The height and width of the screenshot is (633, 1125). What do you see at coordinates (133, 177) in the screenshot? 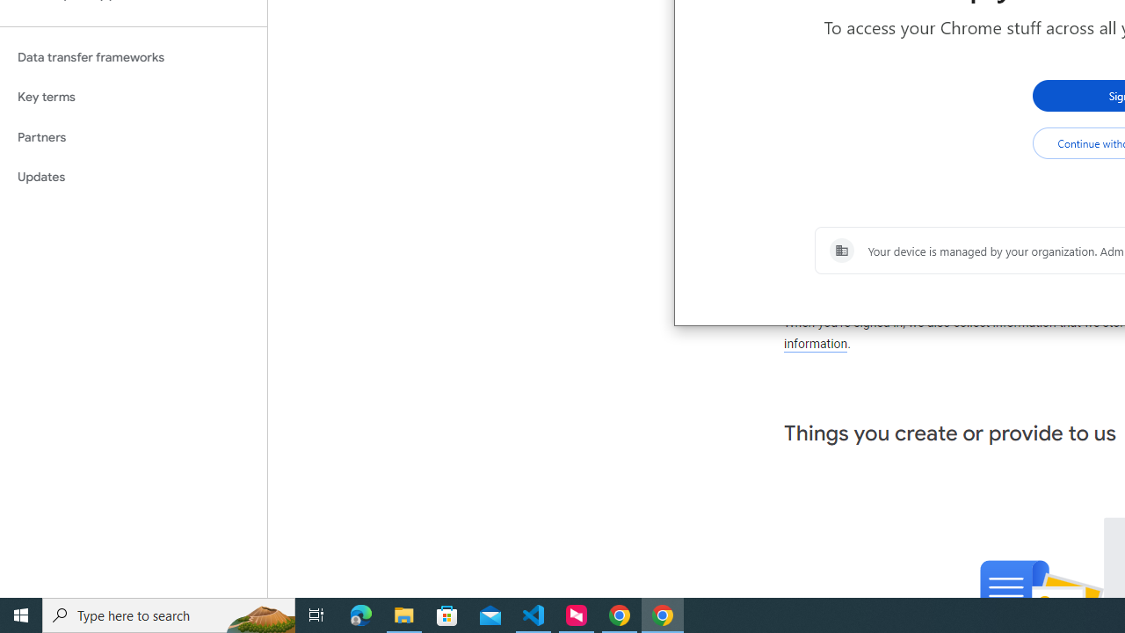
I see `'Updates'` at bounding box center [133, 177].